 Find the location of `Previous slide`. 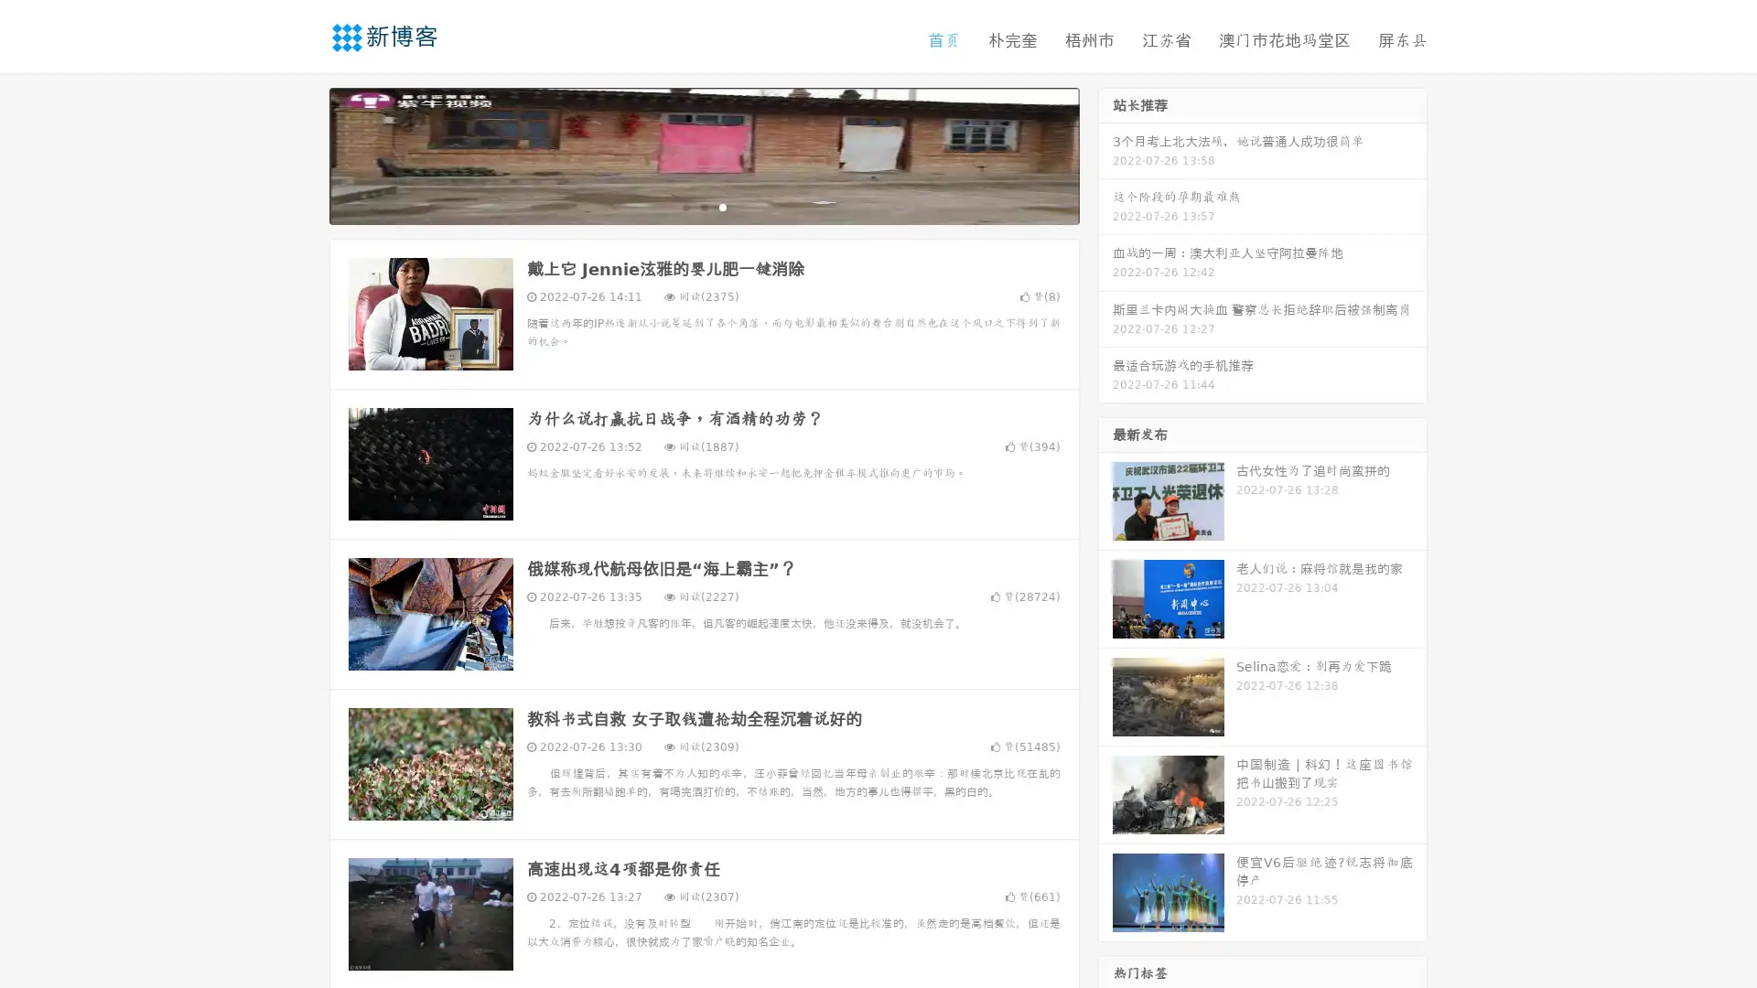

Previous slide is located at coordinates (302, 154).